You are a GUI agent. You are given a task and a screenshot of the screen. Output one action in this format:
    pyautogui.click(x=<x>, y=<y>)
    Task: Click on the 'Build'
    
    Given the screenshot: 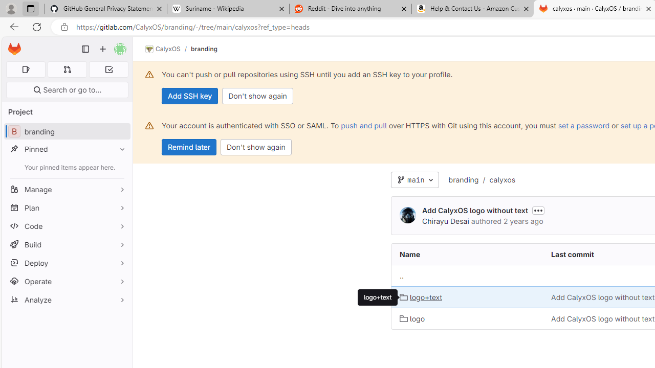 What is the action you would take?
    pyautogui.click(x=67, y=244)
    